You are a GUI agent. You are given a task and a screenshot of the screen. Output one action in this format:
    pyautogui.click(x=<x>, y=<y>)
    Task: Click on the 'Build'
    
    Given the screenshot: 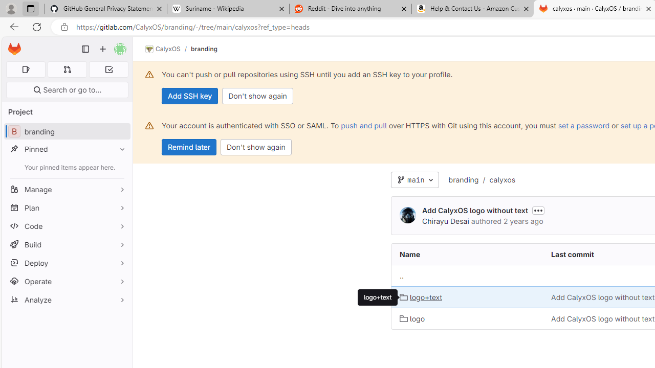 What is the action you would take?
    pyautogui.click(x=67, y=244)
    